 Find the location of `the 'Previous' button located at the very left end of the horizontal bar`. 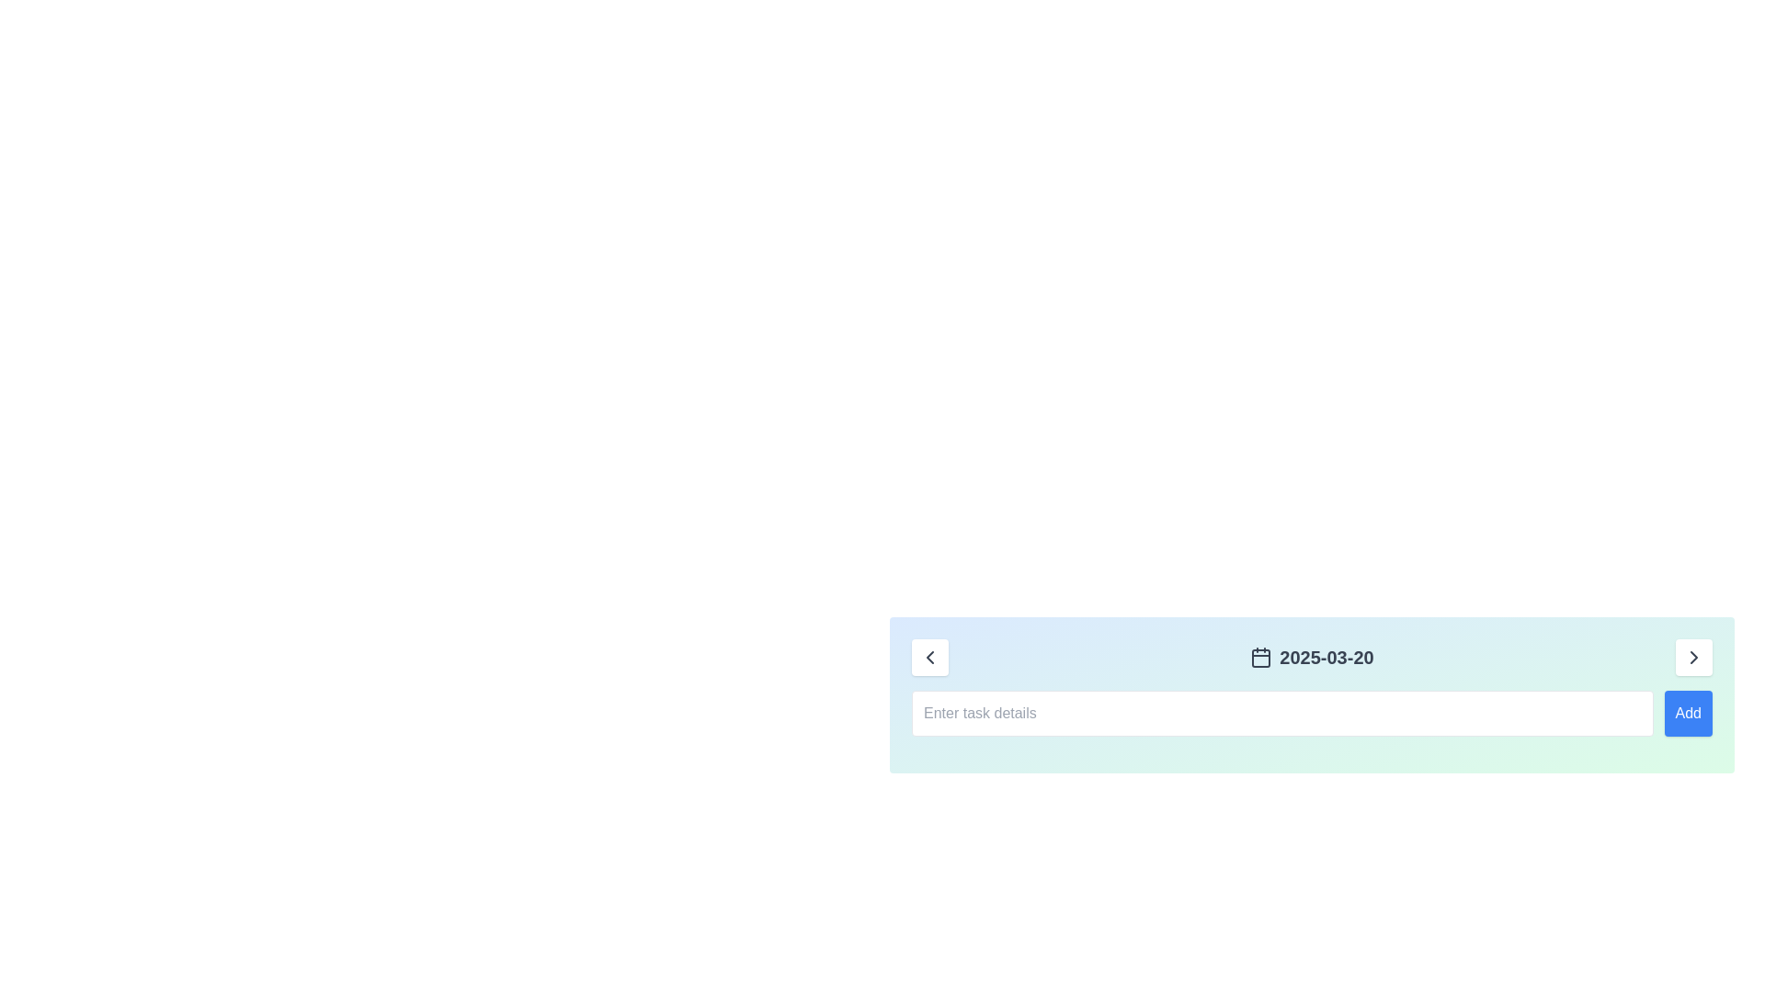

the 'Previous' button located at the very left end of the horizontal bar is located at coordinates (930, 657).